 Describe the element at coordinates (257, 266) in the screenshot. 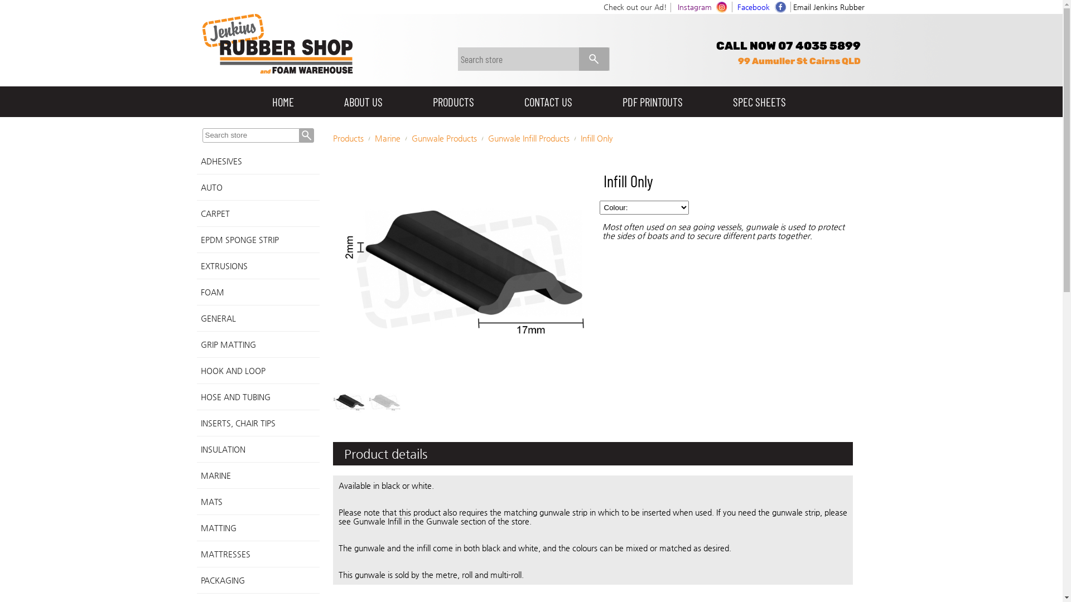

I see `'EXTRUSIONS'` at that location.